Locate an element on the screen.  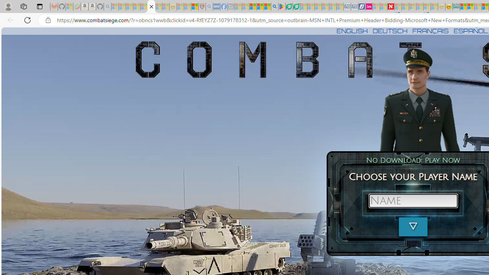
'Cheap Hotels - Save70.com - Sleeping' is located at coordinates (354, 6).